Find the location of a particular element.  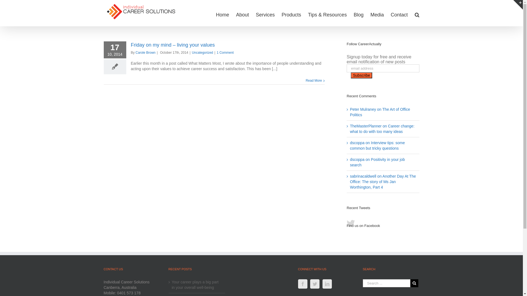

'Products' is located at coordinates (282, 14).